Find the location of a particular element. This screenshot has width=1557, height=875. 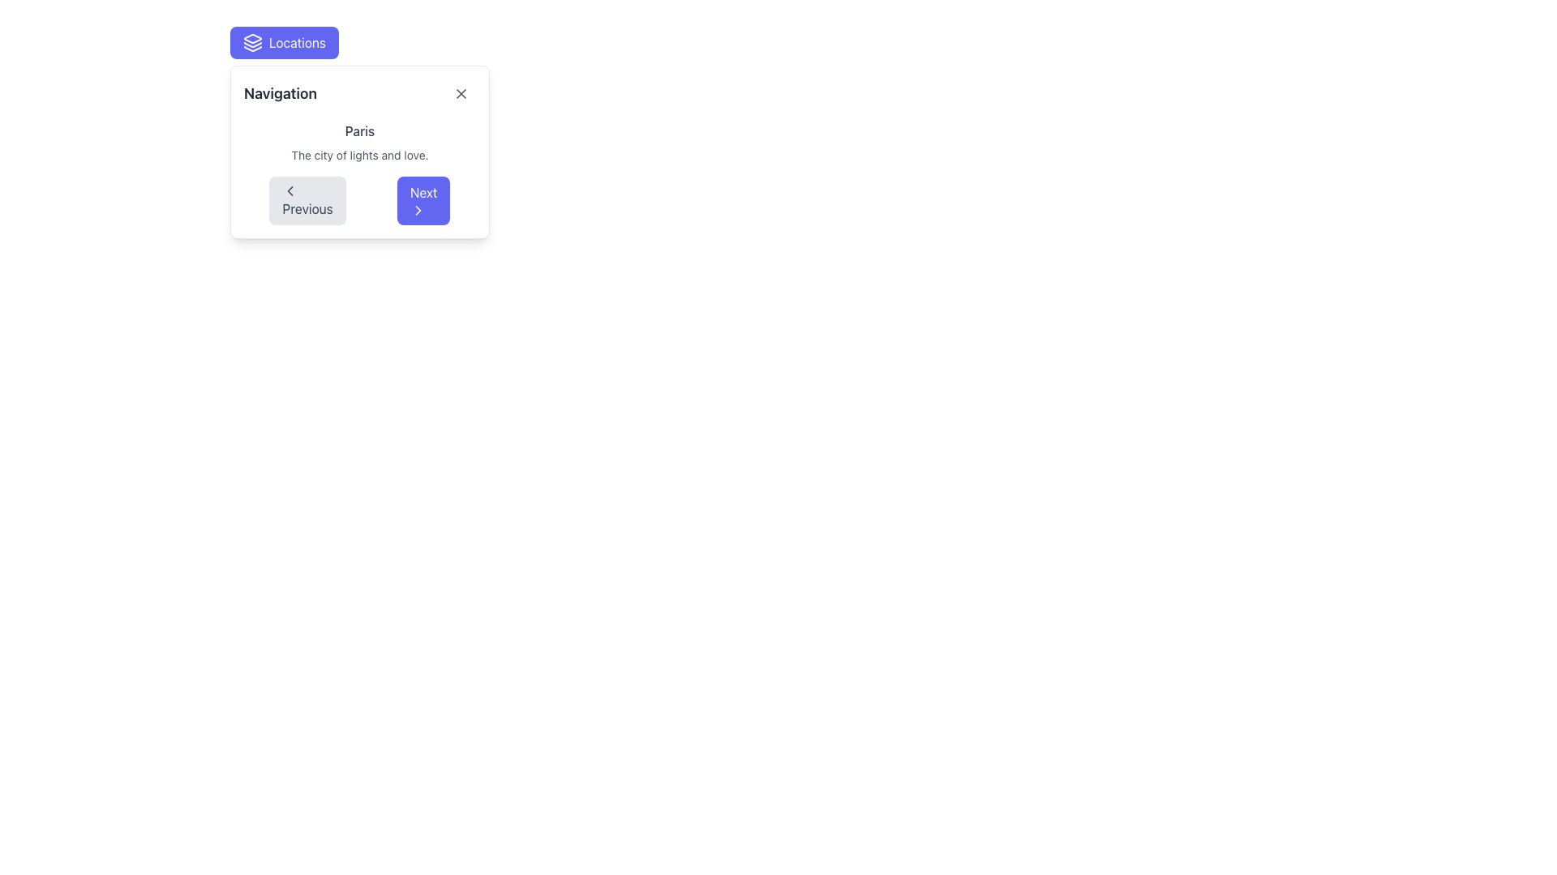

the button with a closed 'X' symbol located in the top-right corner of the 'Navigation' card is located at coordinates (460, 93).